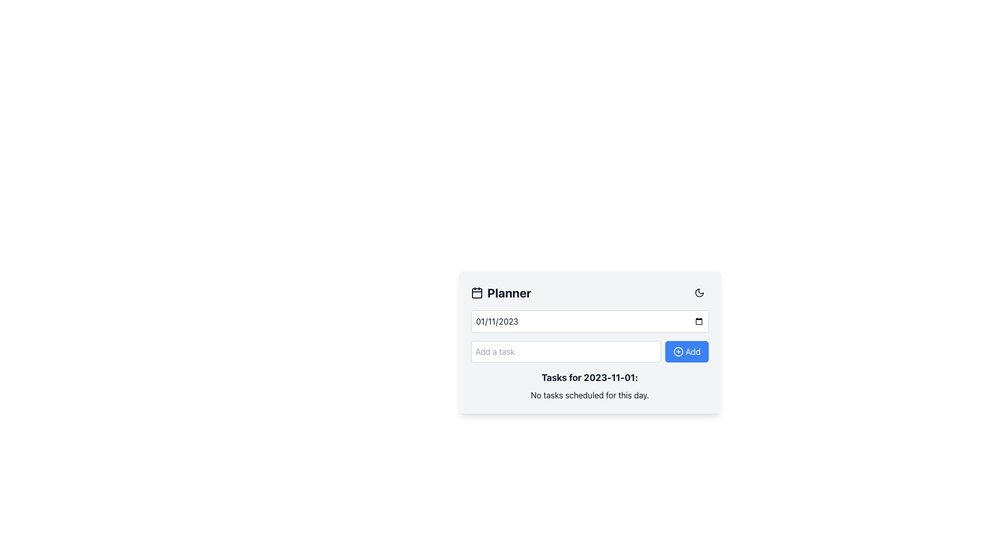  Describe the element at coordinates (699, 292) in the screenshot. I see `the crescent moon-shaped icon located in the top-right corner of a card layout` at that location.